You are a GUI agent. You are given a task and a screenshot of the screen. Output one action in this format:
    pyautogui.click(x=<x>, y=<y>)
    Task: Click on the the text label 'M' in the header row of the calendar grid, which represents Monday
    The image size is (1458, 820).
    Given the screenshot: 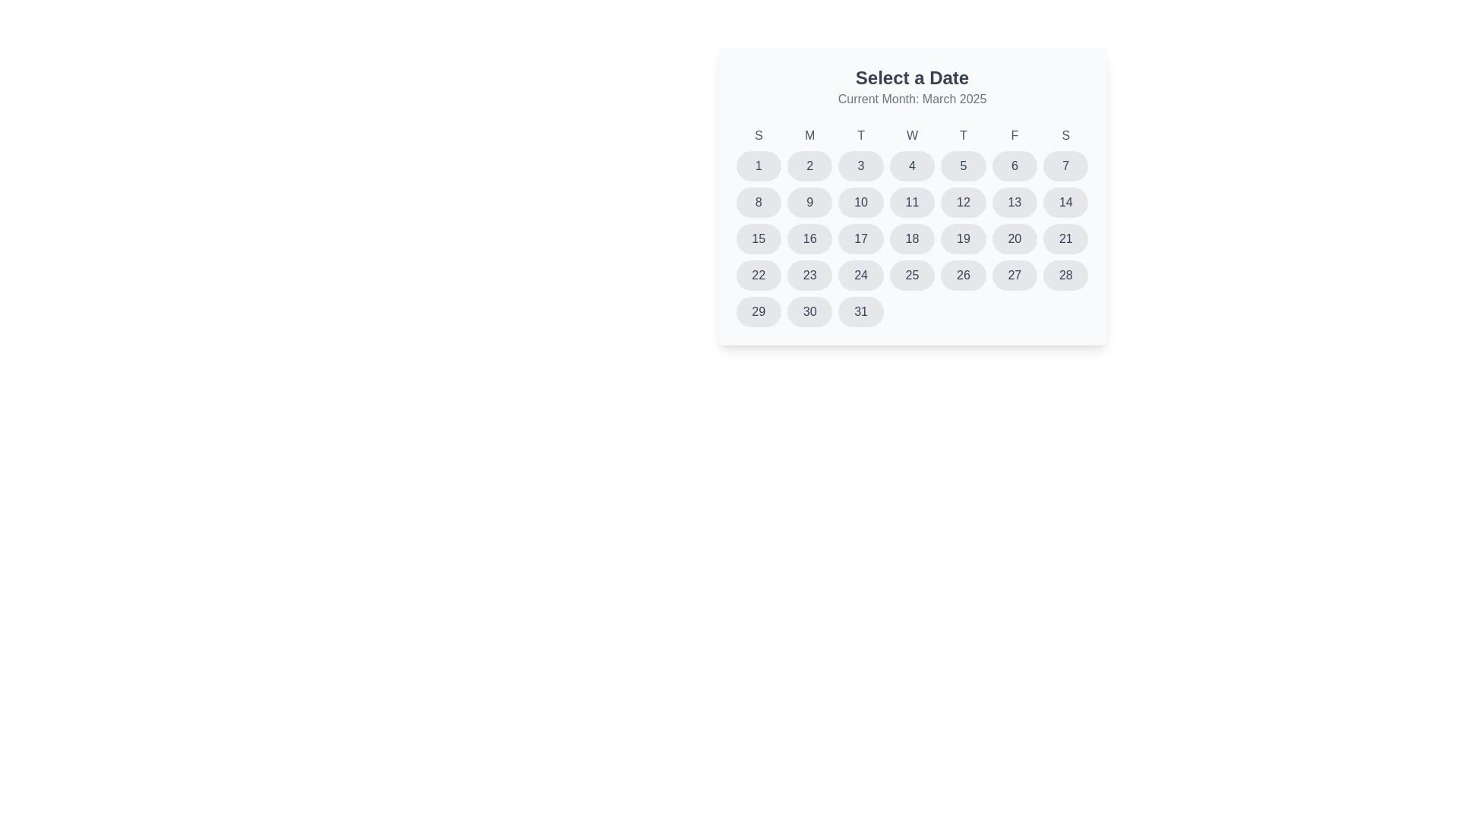 What is the action you would take?
    pyautogui.click(x=809, y=134)
    